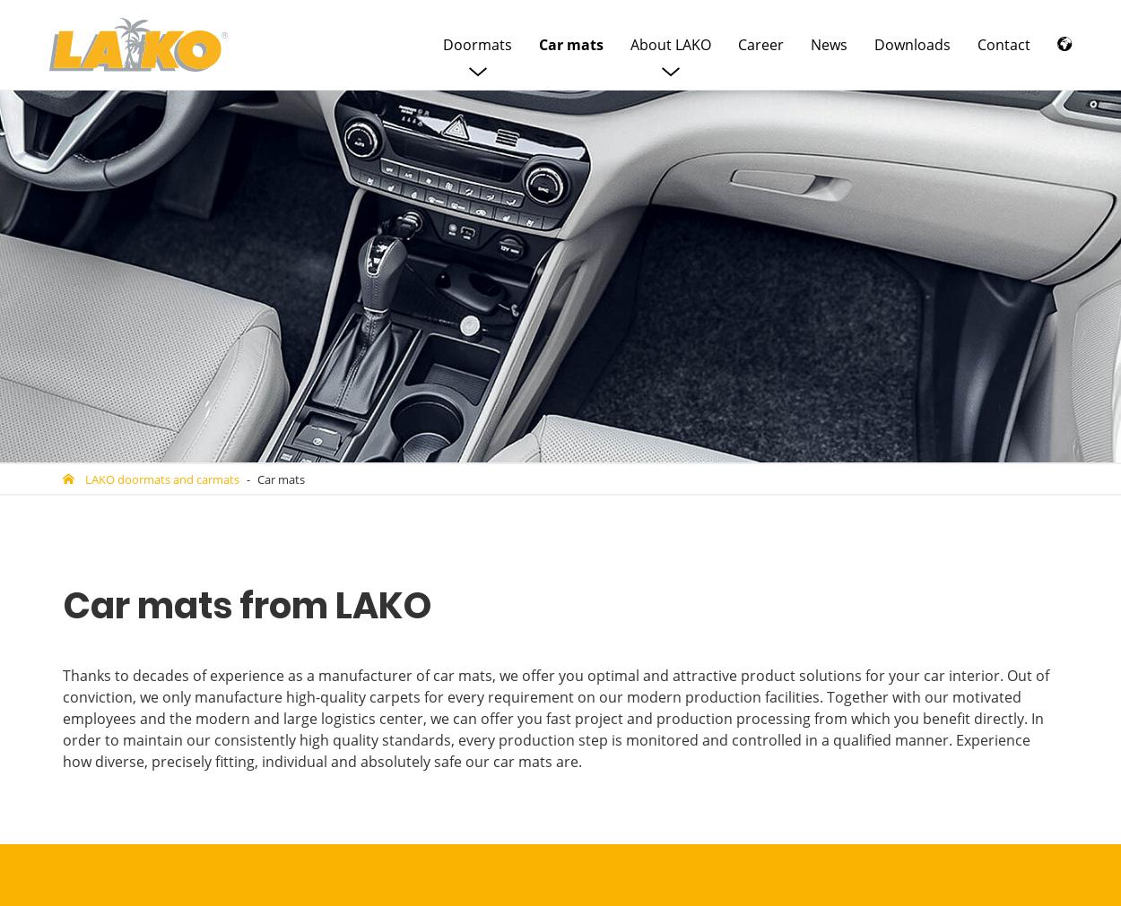 The width and height of the screenshot is (1121, 906). Describe the element at coordinates (760, 44) in the screenshot. I see `'Career'` at that location.